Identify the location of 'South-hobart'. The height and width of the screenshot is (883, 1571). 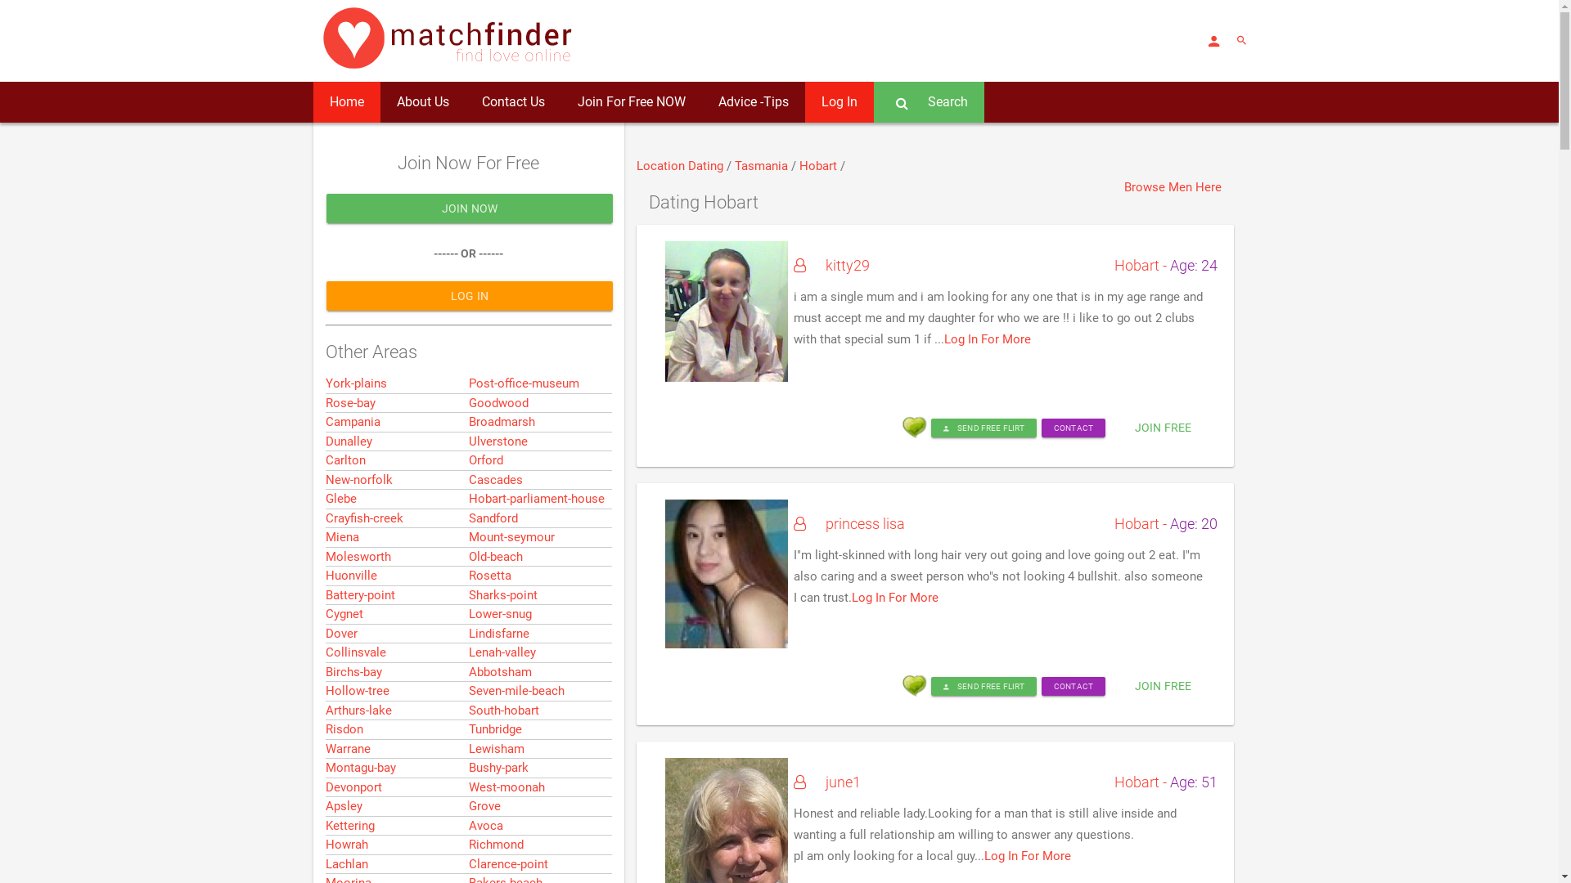
(502, 709).